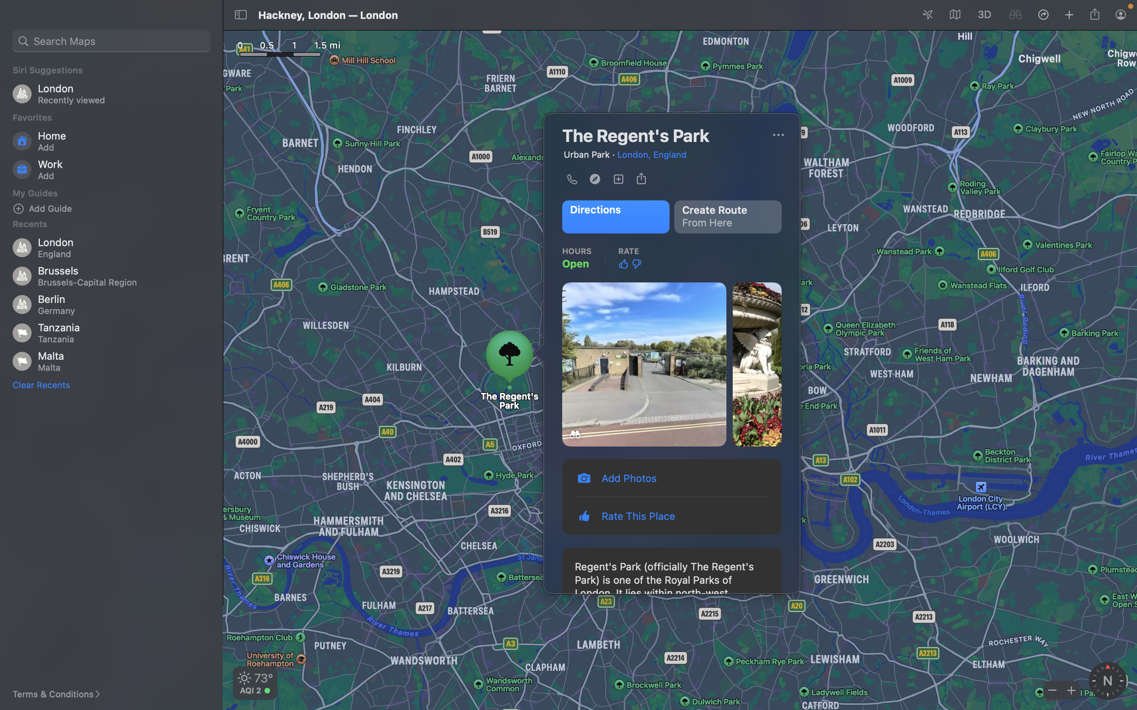 This screenshot has height=710, width=1137. I want to click on access the full information about Canary Wharf, so click(1935742, 662785).